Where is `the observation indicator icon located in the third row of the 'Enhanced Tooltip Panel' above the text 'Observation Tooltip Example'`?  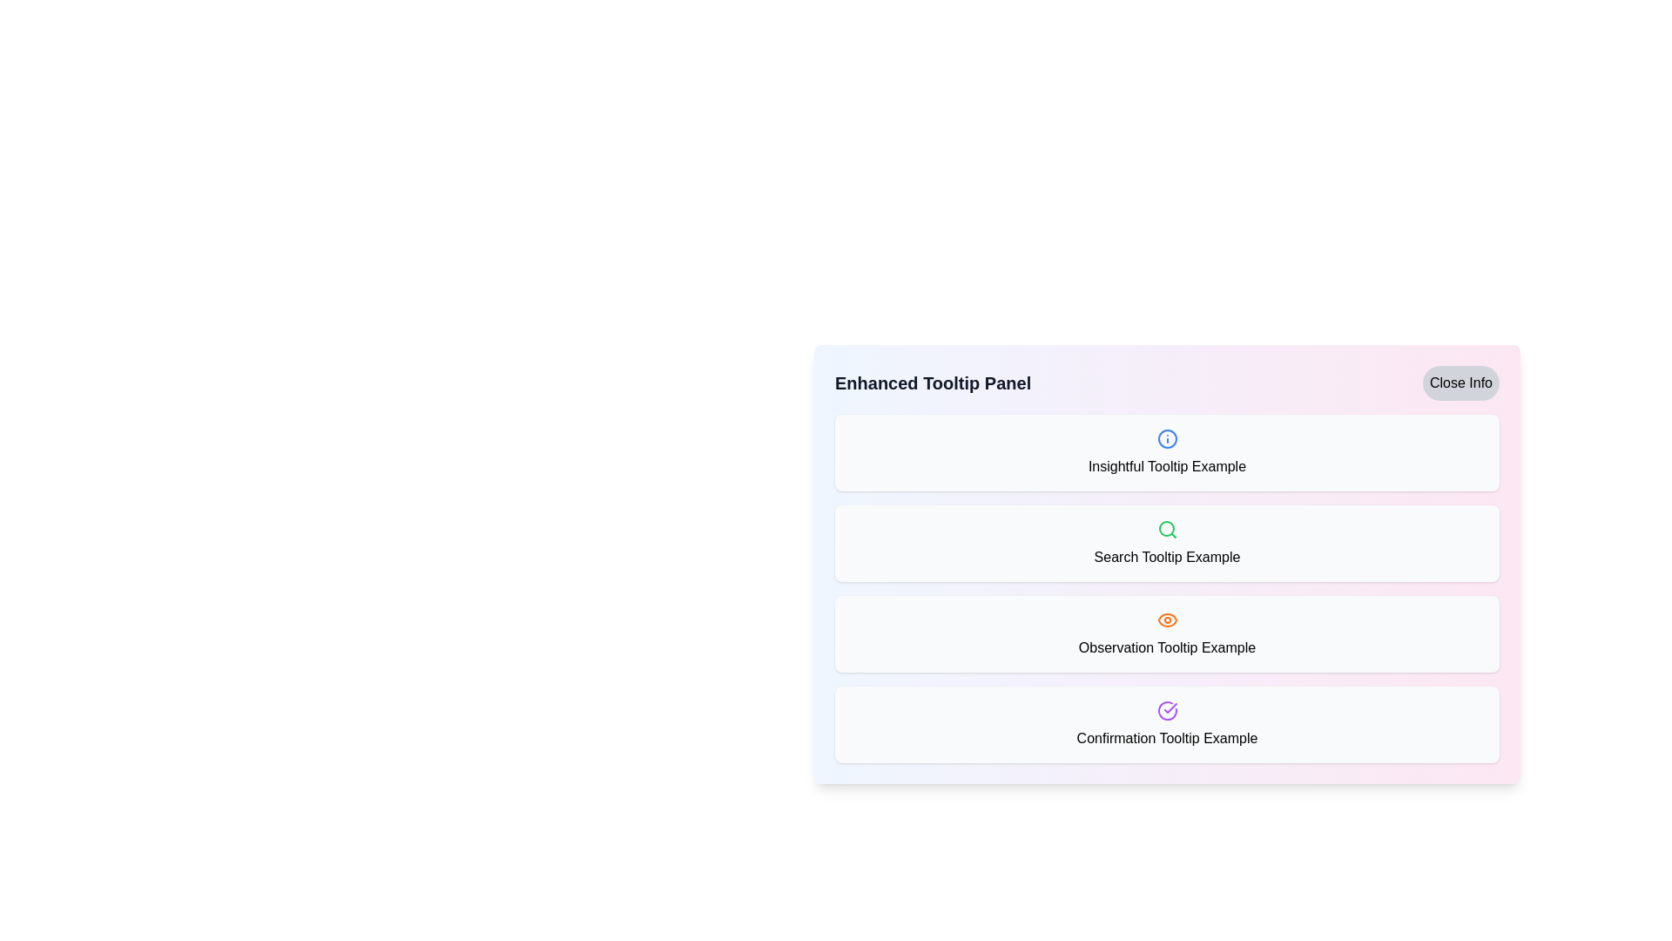 the observation indicator icon located in the third row of the 'Enhanced Tooltip Panel' above the text 'Observation Tooltip Example' is located at coordinates (1167, 619).